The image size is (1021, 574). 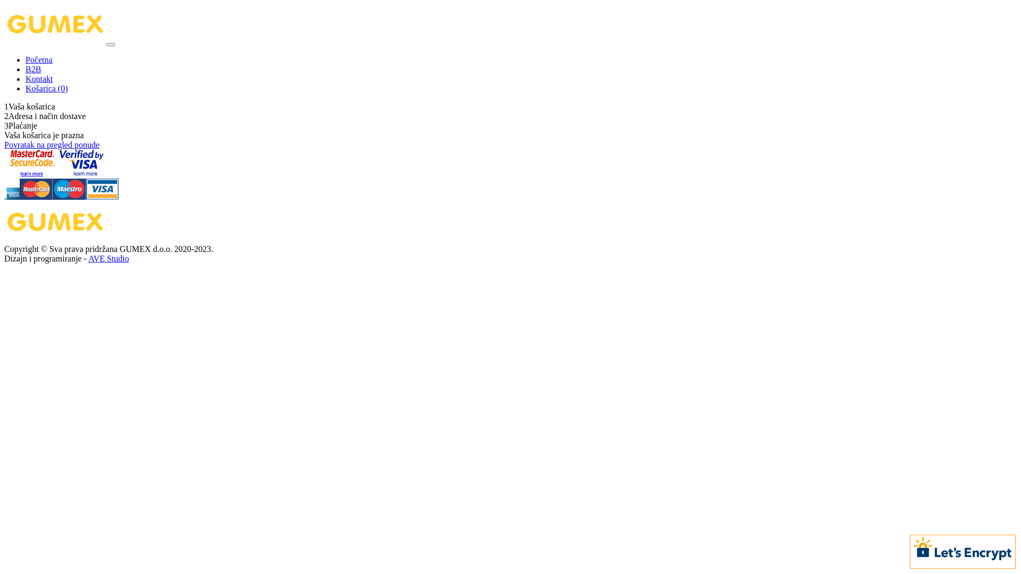 I want to click on 'Lets Encrypt', so click(x=963, y=550).